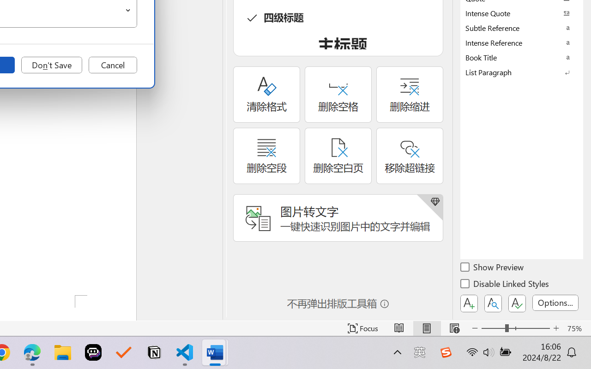 This screenshot has width=591, height=369. Describe the element at coordinates (493, 328) in the screenshot. I see `'Zoom Out'` at that location.